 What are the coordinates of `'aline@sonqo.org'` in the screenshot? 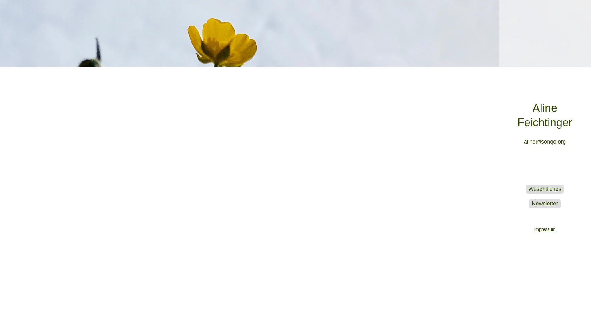 It's located at (545, 142).